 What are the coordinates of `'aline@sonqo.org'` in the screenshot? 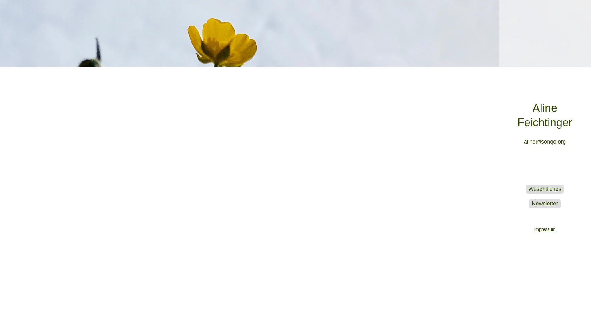 It's located at (545, 142).